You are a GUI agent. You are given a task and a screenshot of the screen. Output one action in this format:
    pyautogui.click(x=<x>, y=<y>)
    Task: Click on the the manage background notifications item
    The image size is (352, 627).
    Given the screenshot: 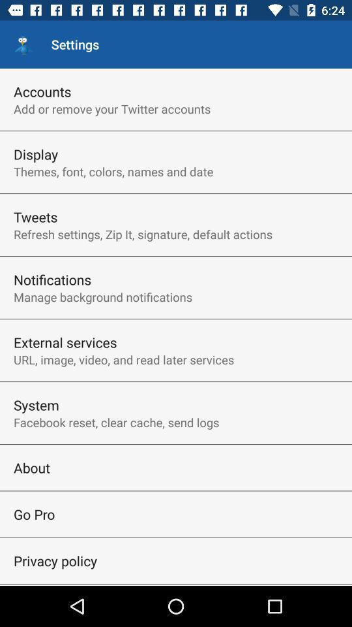 What is the action you would take?
    pyautogui.click(x=102, y=297)
    